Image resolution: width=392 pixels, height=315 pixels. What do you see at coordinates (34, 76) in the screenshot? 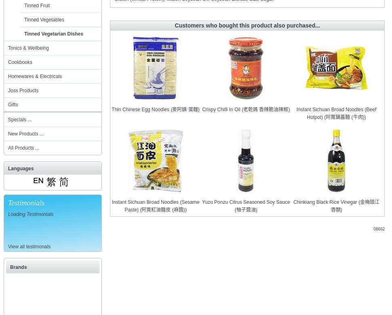
I see `'Homewares & Electricals'` at bounding box center [34, 76].